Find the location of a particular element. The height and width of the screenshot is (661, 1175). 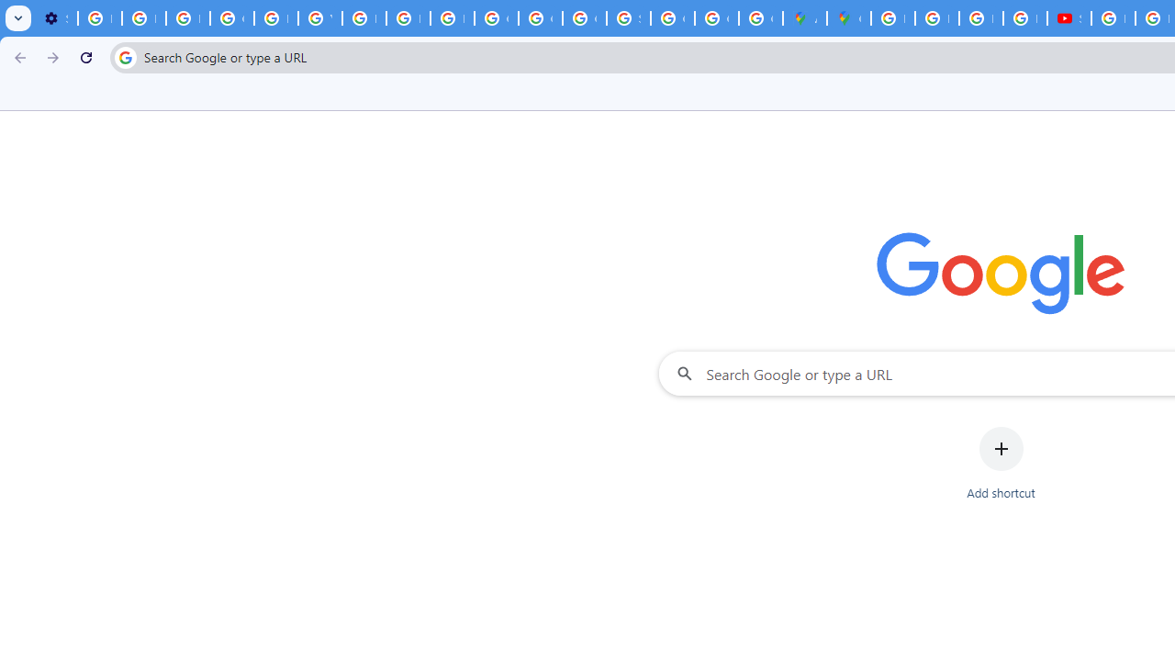

'Delete photos & videos - Computer - Google Photos Help' is located at coordinates (98, 18).